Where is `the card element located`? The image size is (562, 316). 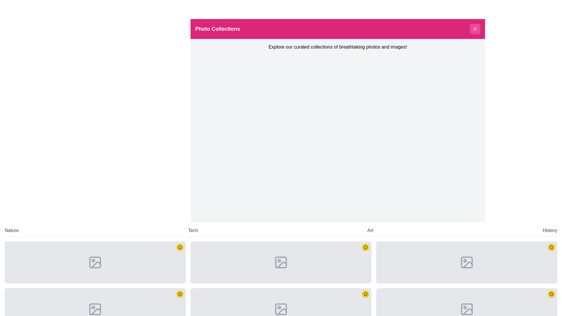
the card element located is located at coordinates (95, 262).